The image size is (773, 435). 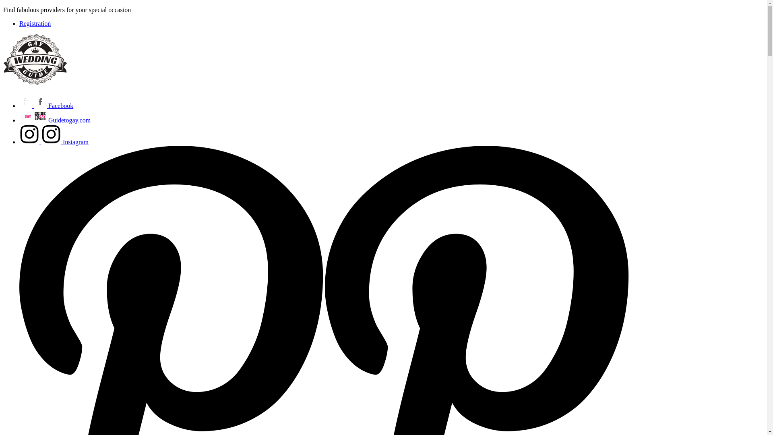 What do you see at coordinates (34, 23) in the screenshot?
I see `'Registration'` at bounding box center [34, 23].